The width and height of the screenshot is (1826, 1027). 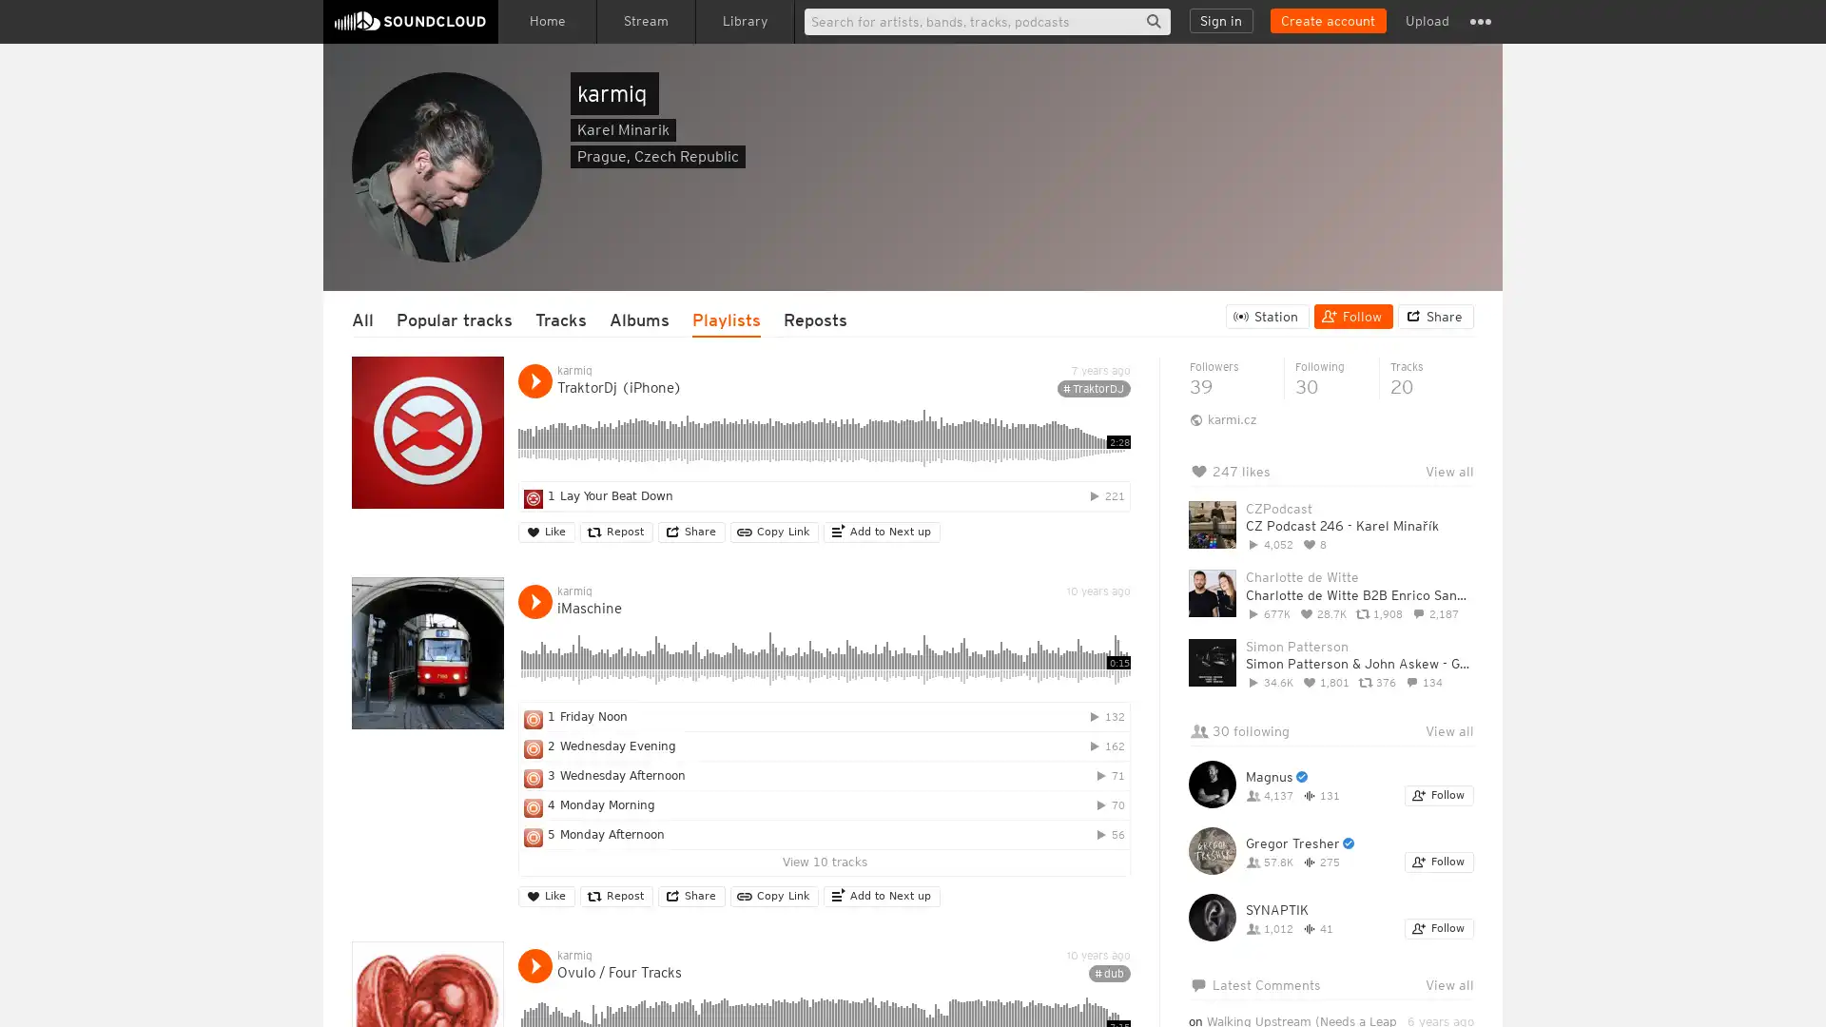 What do you see at coordinates (881, 532) in the screenshot?
I see `Add to Next up` at bounding box center [881, 532].